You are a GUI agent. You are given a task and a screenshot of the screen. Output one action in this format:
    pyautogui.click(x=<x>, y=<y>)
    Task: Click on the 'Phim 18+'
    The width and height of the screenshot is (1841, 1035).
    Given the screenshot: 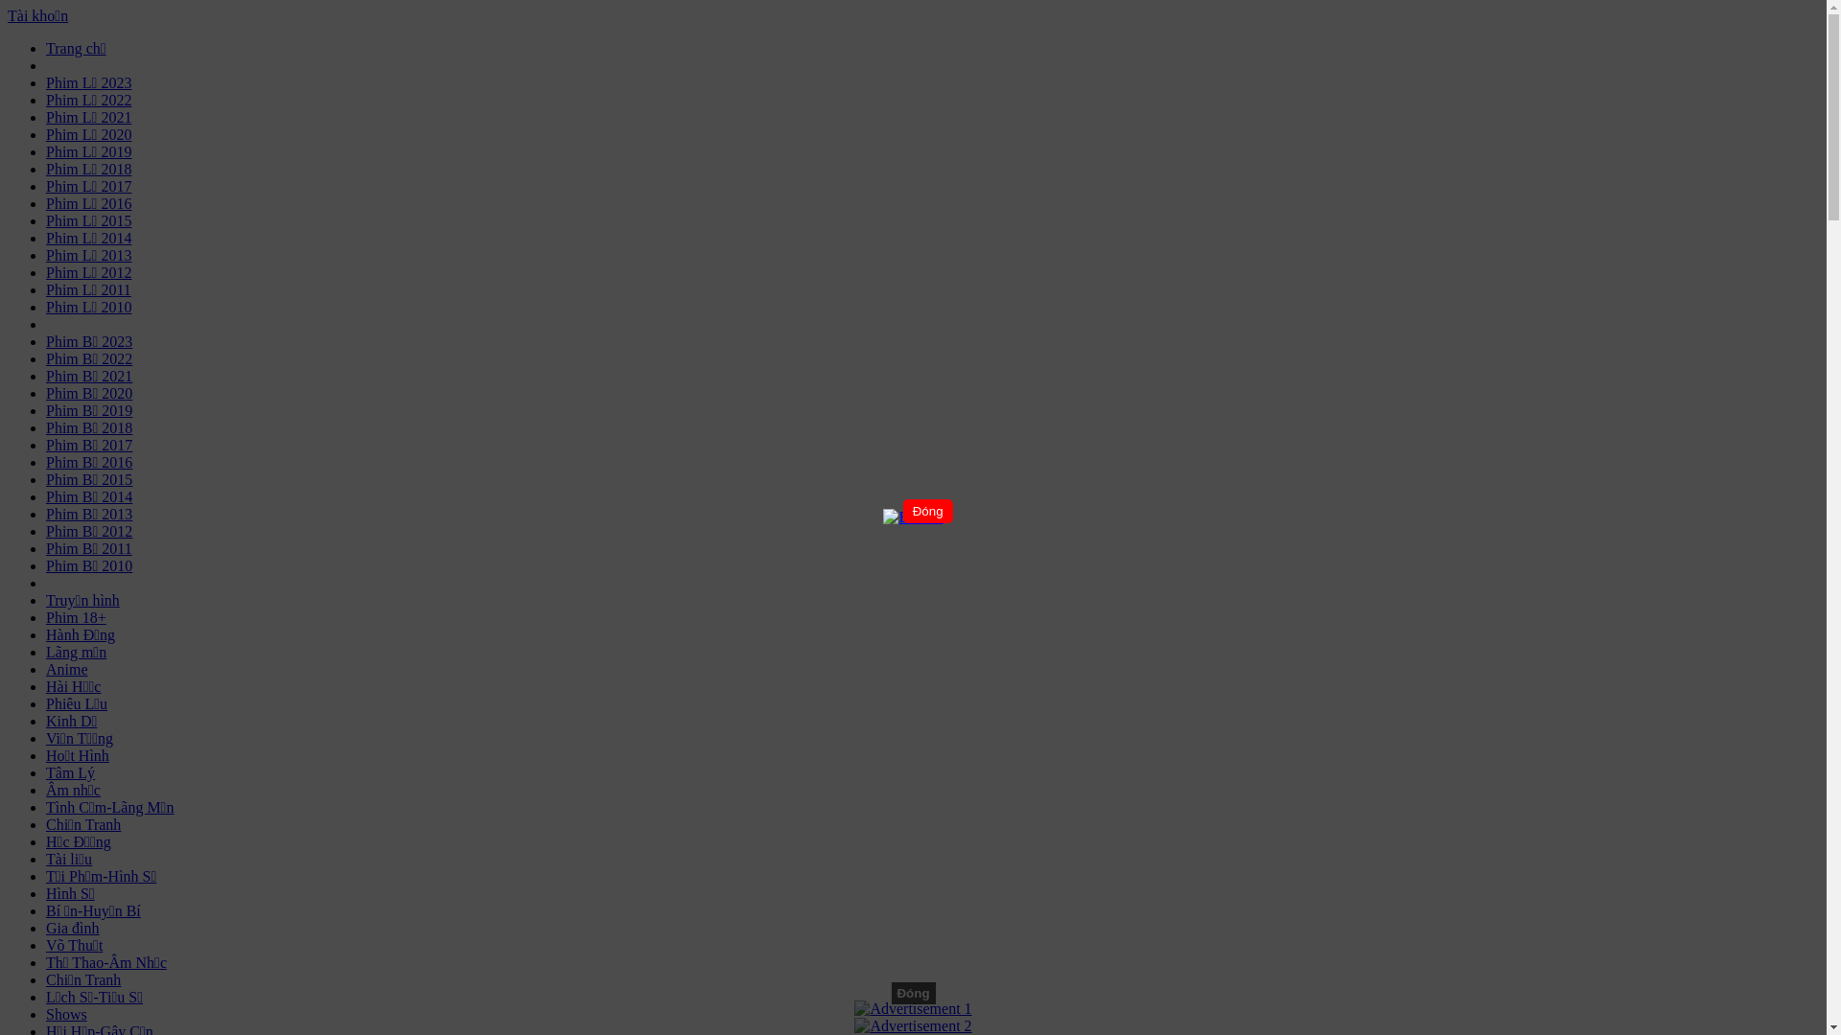 What is the action you would take?
    pyautogui.click(x=76, y=617)
    